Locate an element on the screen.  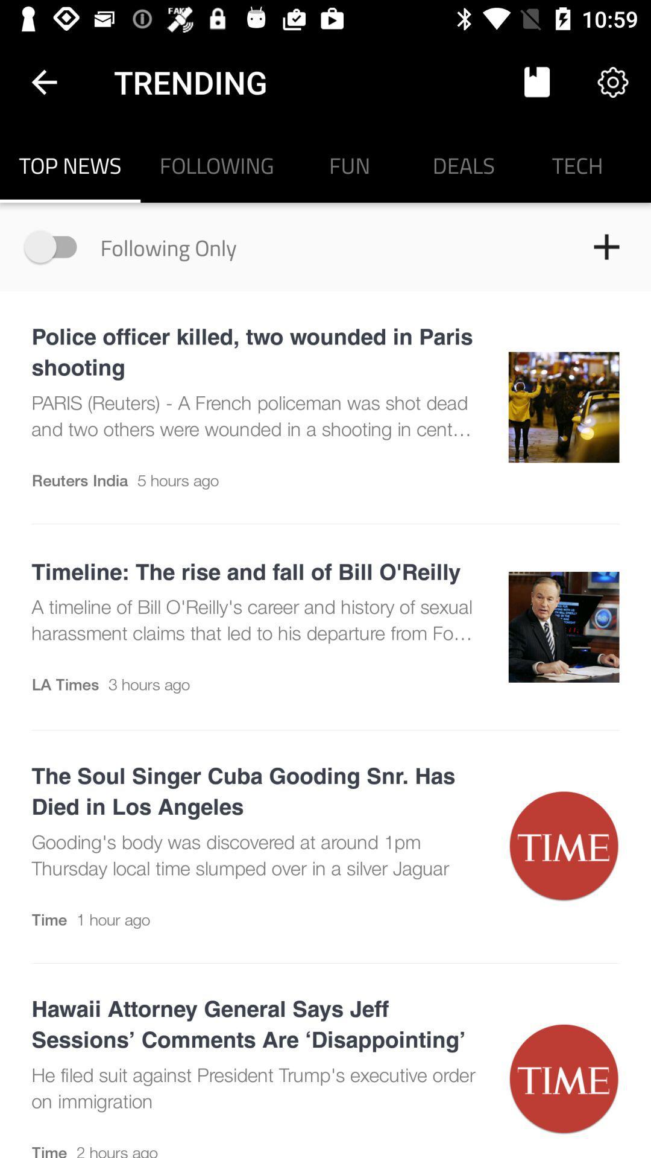
item above the police officer killed is located at coordinates (56, 246).